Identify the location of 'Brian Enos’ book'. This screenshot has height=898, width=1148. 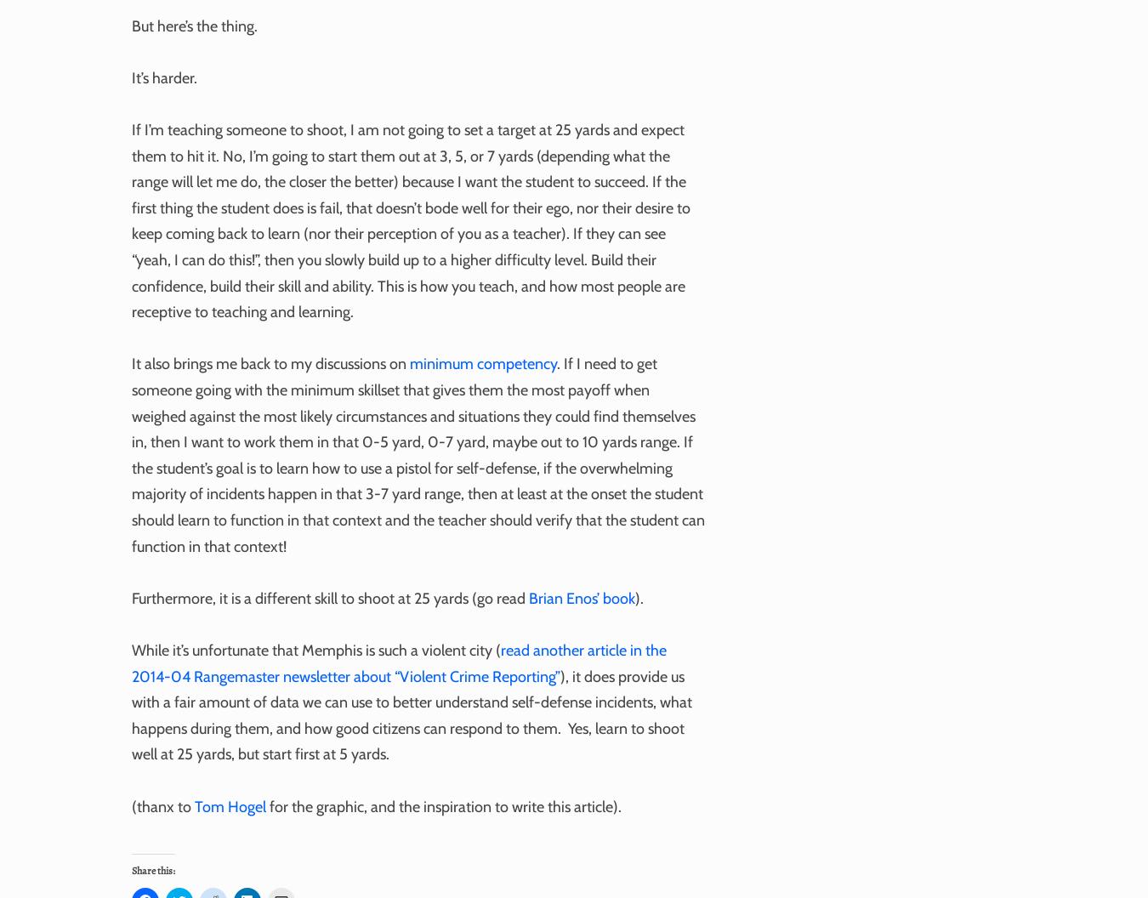
(581, 597).